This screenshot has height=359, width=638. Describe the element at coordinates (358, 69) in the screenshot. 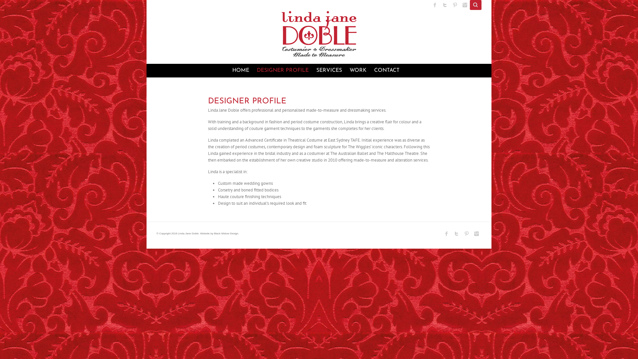

I see `'WORK'` at that location.